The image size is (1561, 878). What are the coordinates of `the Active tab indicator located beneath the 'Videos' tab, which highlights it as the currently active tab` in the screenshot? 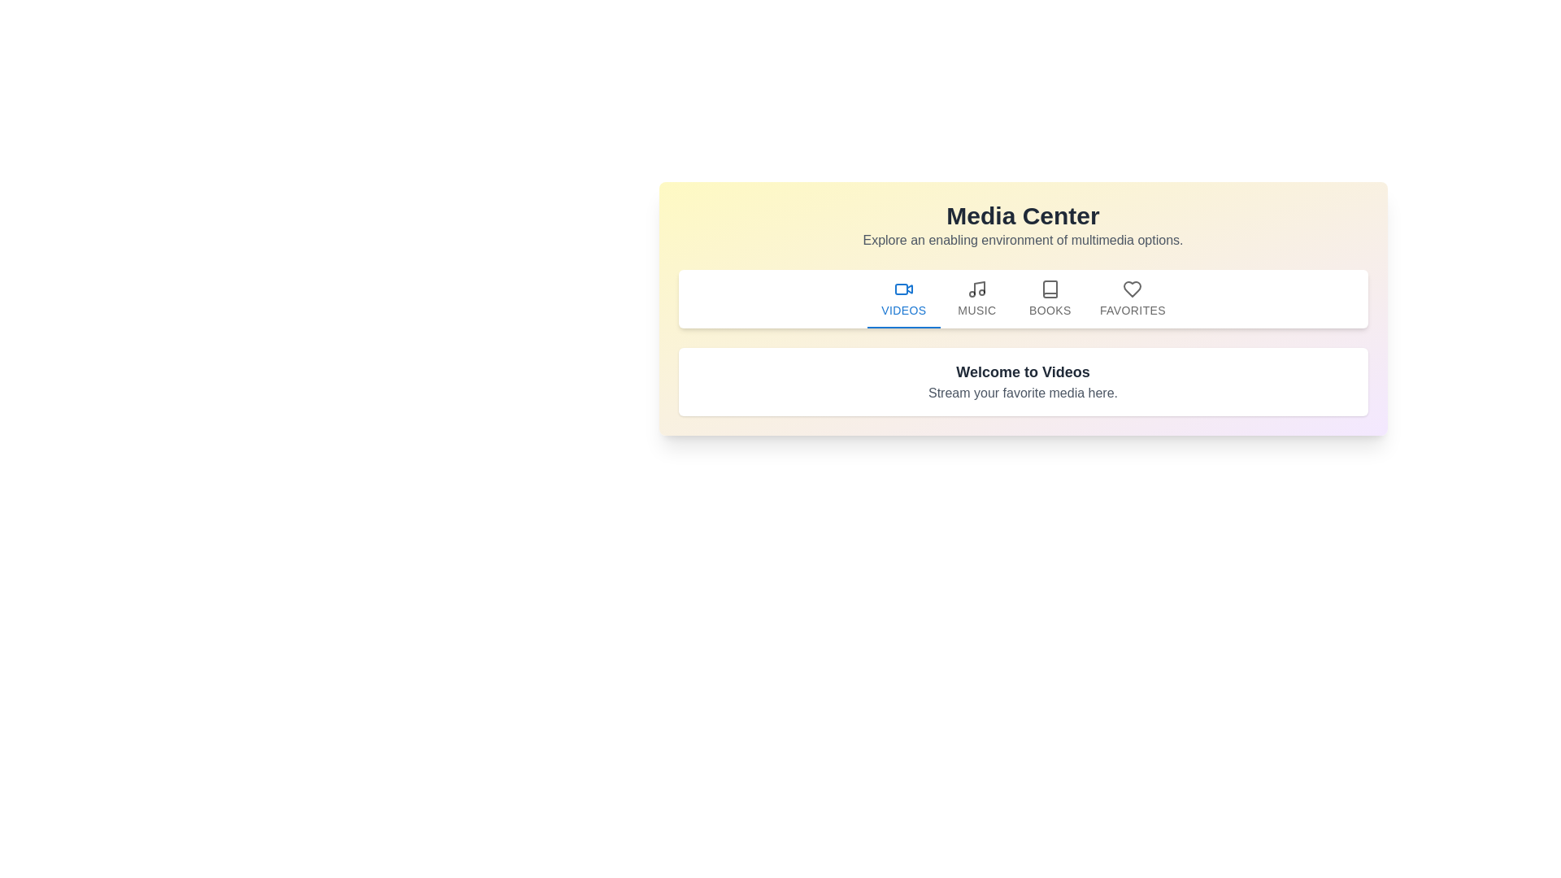 It's located at (902, 327).